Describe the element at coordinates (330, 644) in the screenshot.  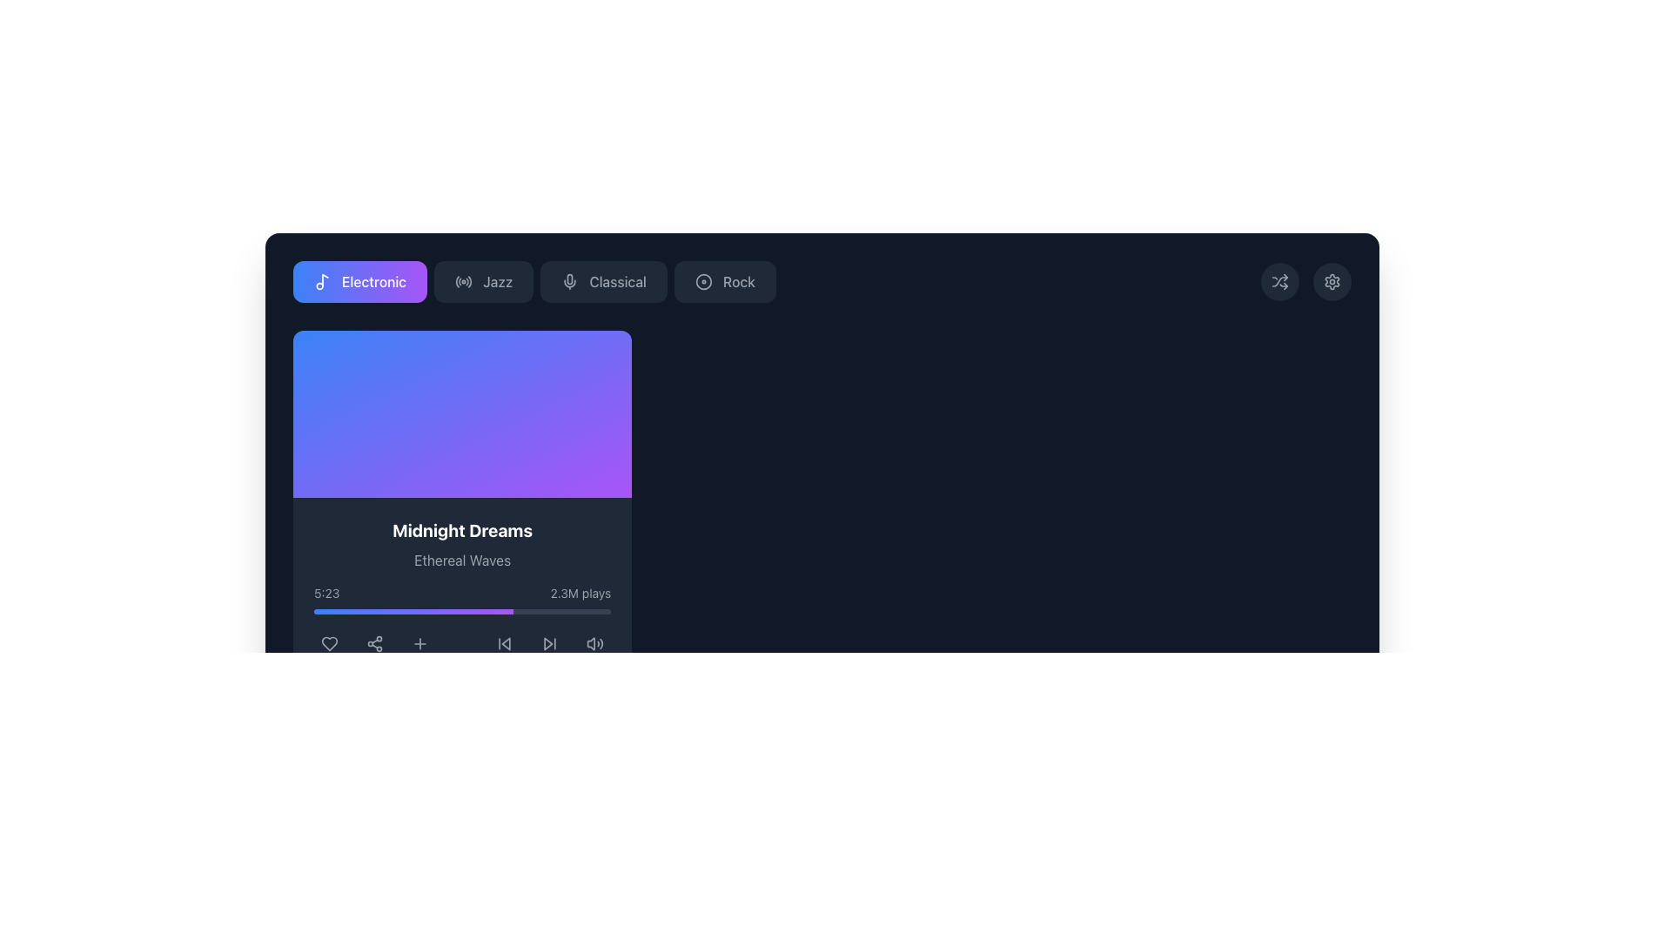
I see `the heart icon button located at the bottom-left corner of the music track details card to mark it as favorite` at that location.